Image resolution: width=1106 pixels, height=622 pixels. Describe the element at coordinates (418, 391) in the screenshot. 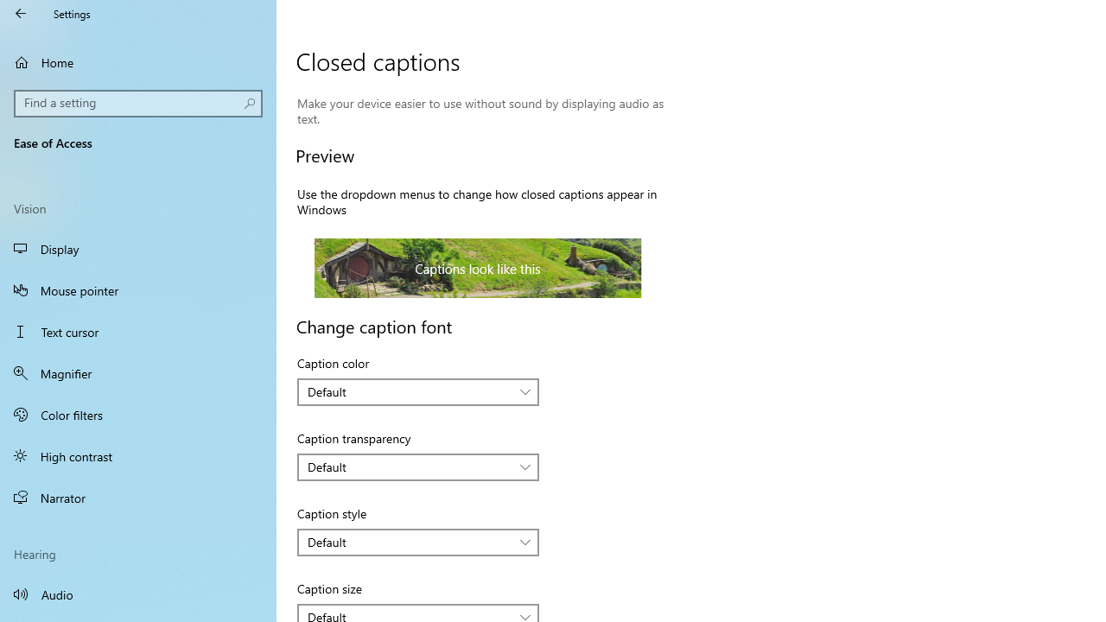

I see `'Caption color'` at that location.